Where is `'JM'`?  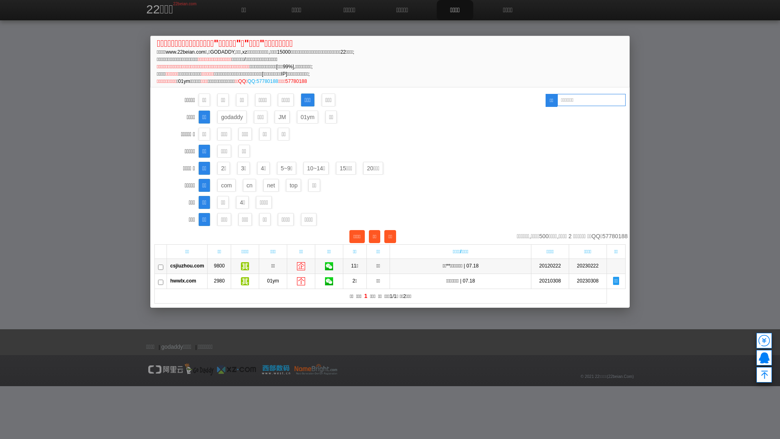
'JM' is located at coordinates (282, 117).